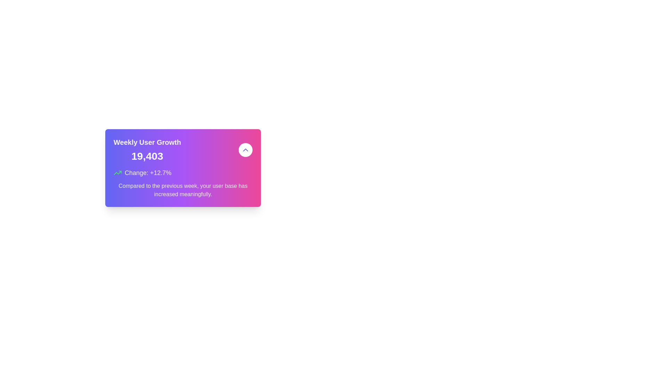 Image resolution: width=667 pixels, height=375 pixels. What do you see at coordinates (245, 150) in the screenshot?
I see `the chevron icon located at the center of the circular button in the top-right section of the interface` at bounding box center [245, 150].